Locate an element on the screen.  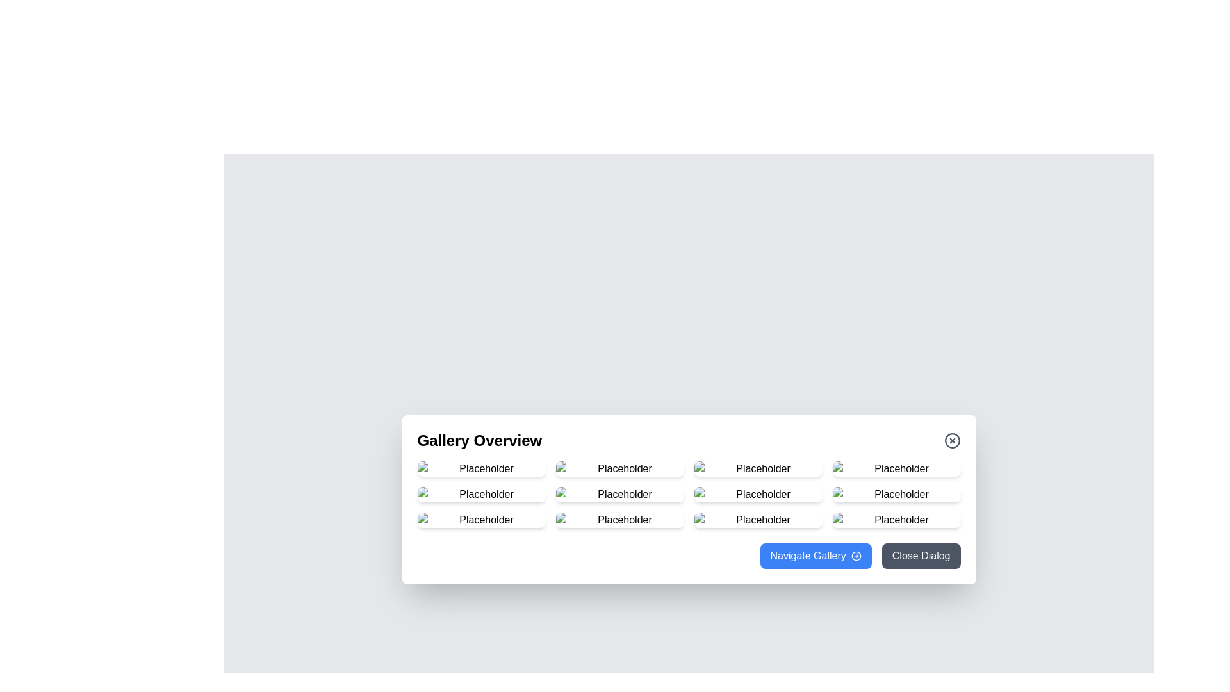
the 'Close Dialog' button to close the dialog is located at coordinates (921, 555).